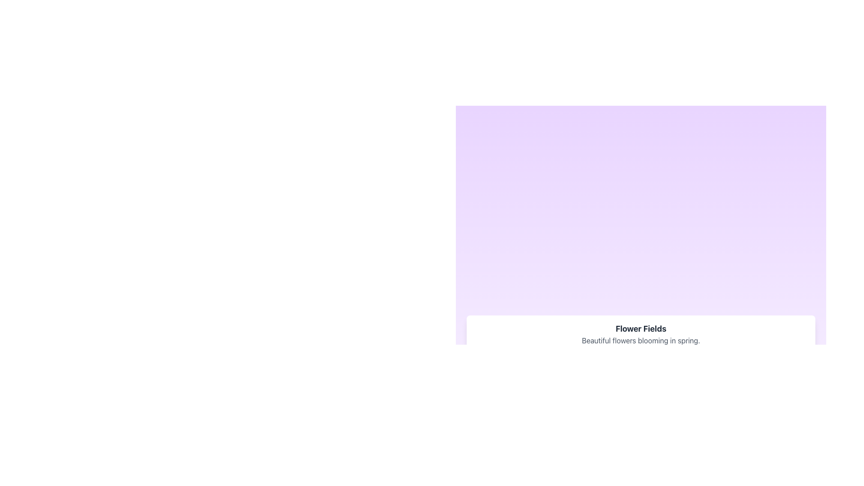 The width and height of the screenshot is (864, 486). Describe the element at coordinates (640, 329) in the screenshot. I see `the text label displaying 'Flower Fields', which is styled with bold, centered alignment in a large dark grey font at the top center of the descriptive card` at that location.